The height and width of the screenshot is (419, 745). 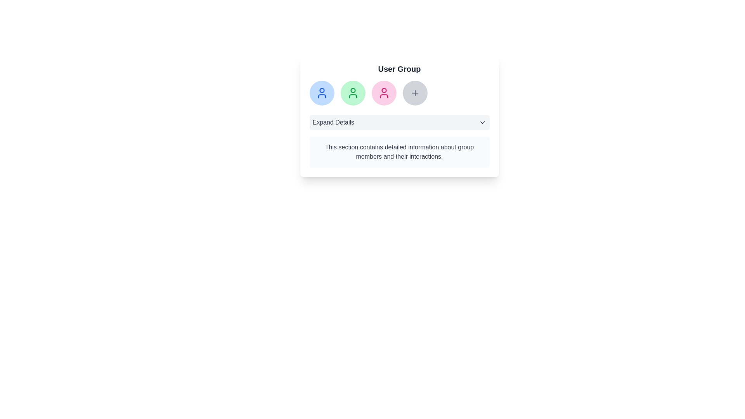 I want to click on the circle representing the head in the first user icon on the far left of the user group section, so click(x=322, y=90).